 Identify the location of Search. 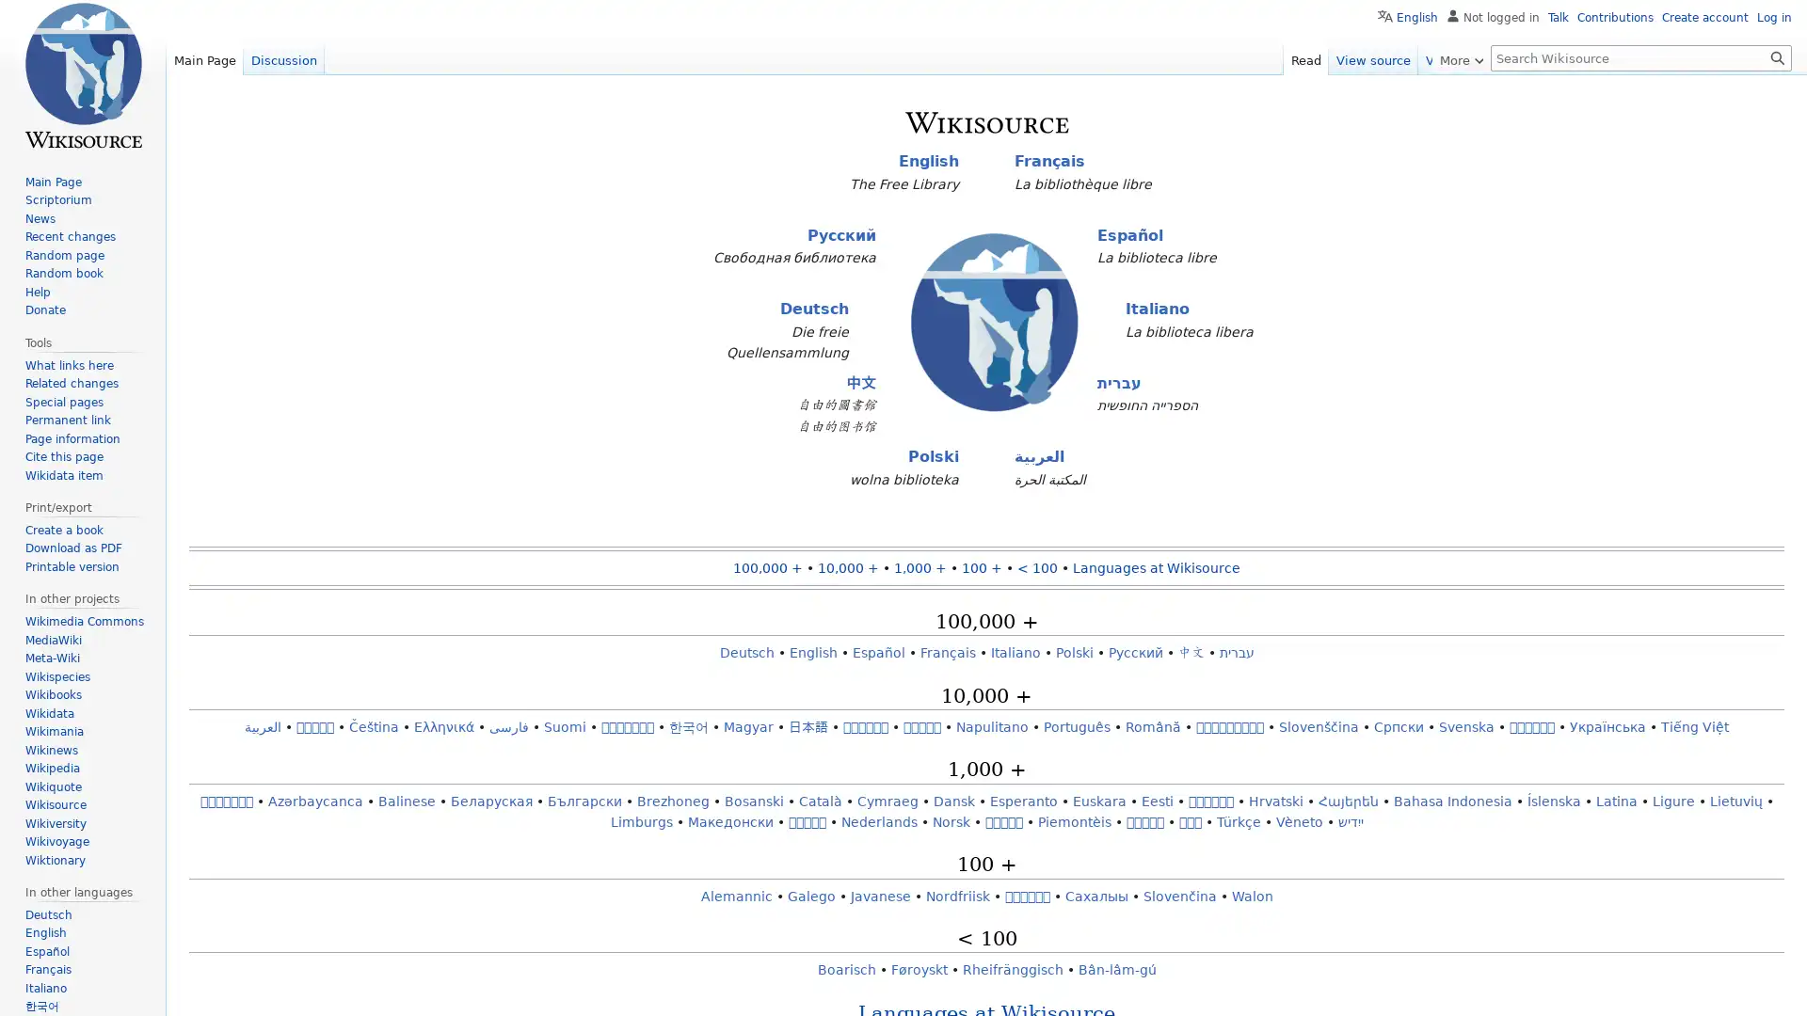
(1777, 56).